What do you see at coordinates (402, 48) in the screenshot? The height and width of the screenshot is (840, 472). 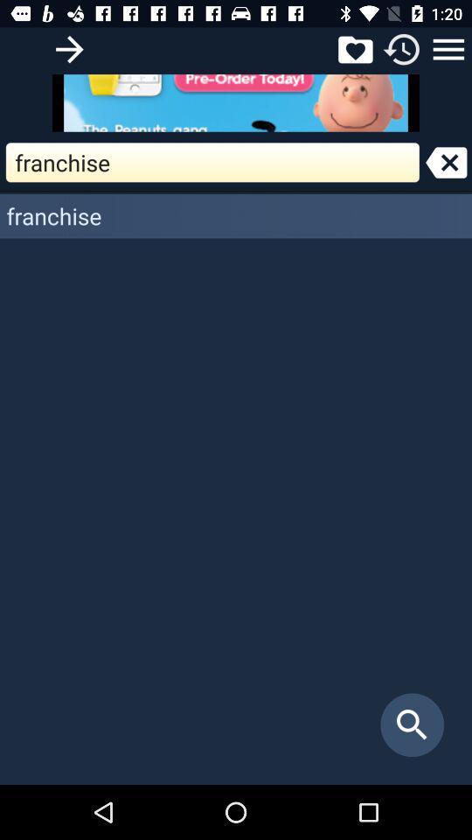 I see `the history icon` at bounding box center [402, 48].